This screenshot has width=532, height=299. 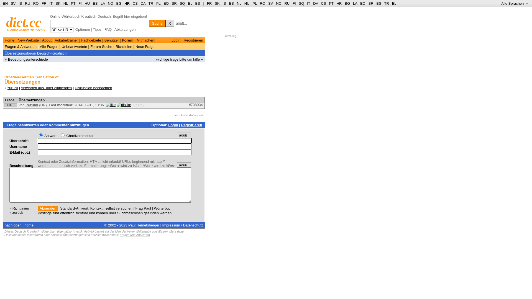 What do you see at coordinates (96, 208) in the screenshot?
I see `'Kontext'` at bounding box center [96, 208].